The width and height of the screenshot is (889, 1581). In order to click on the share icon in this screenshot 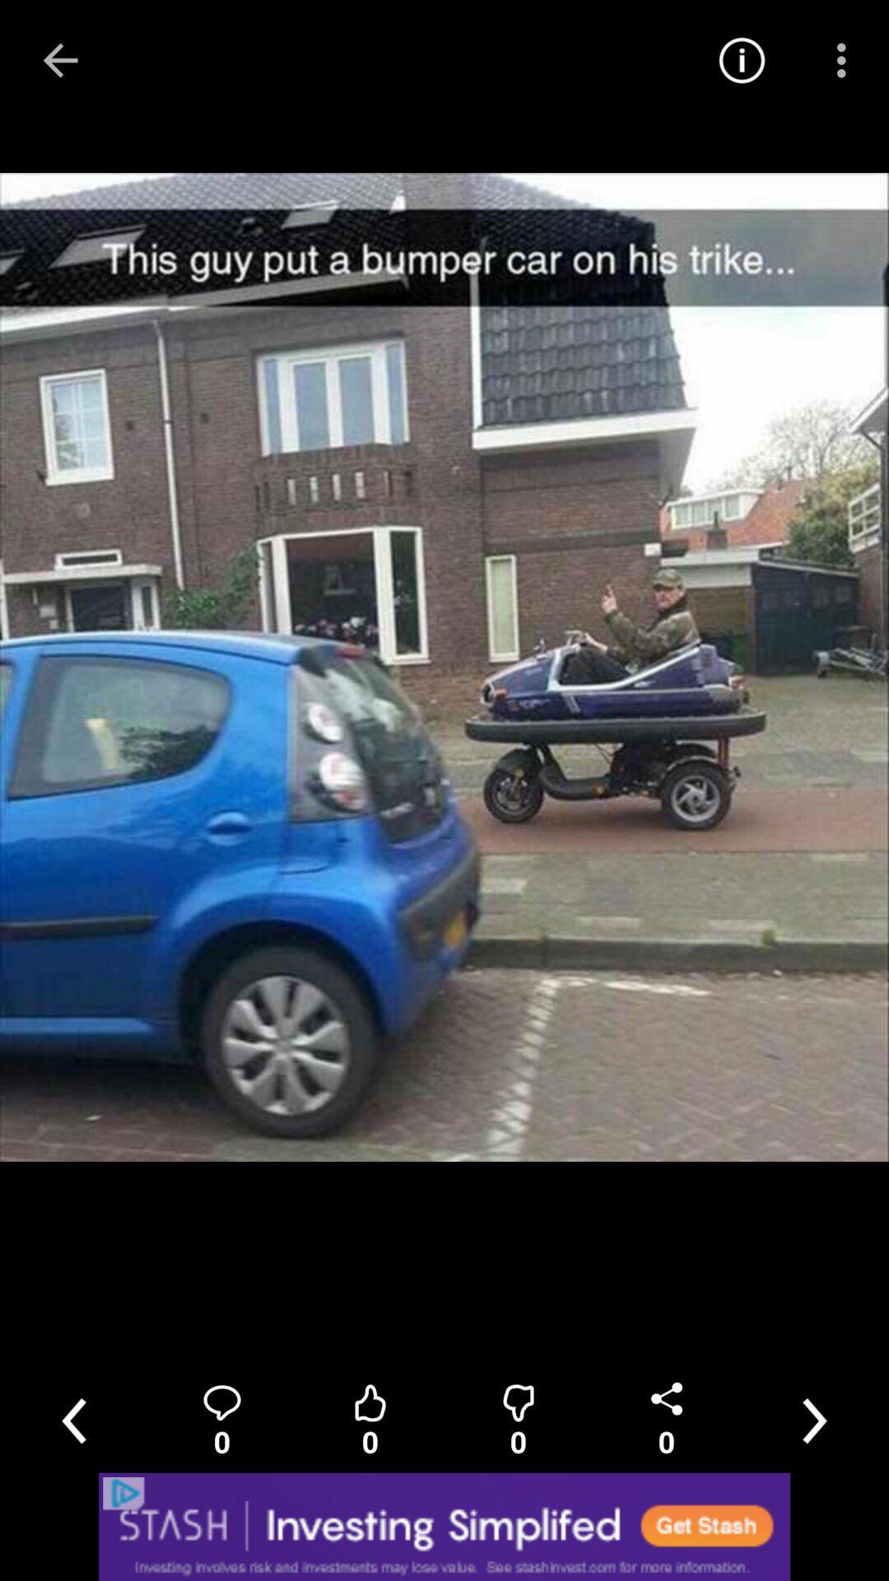, I will do `click(667, 1397)`.